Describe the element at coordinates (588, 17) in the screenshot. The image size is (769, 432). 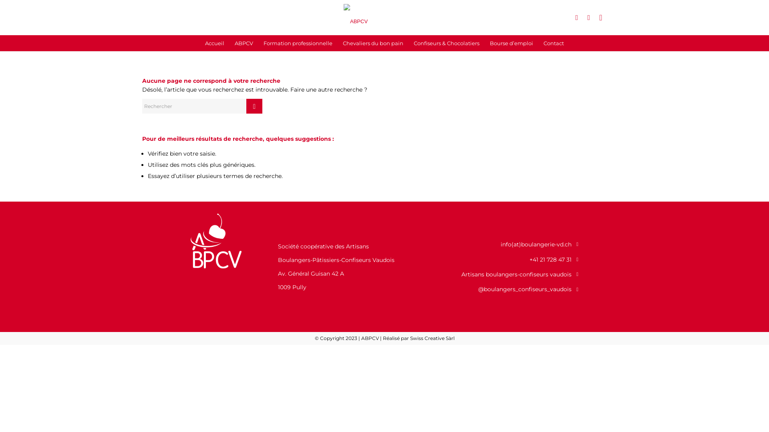
I see `'Instagram'` at that location.